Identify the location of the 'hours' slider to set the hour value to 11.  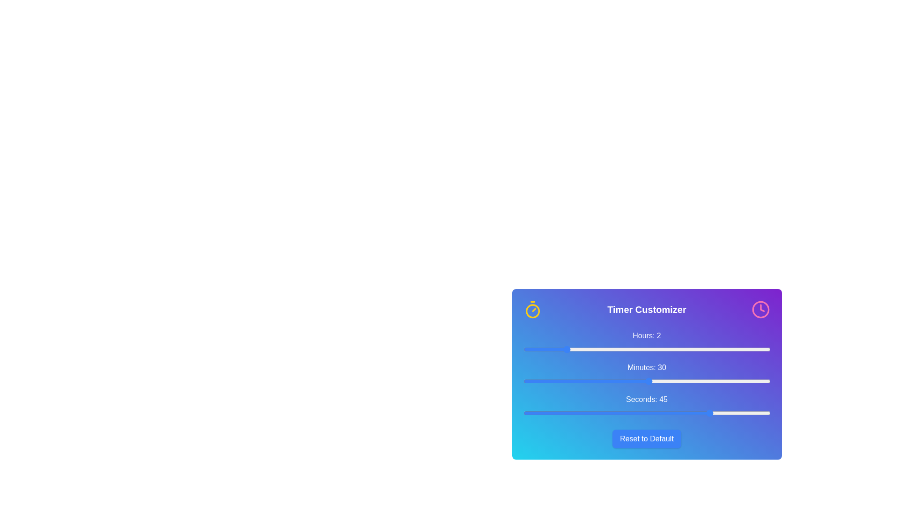
(750, 349).